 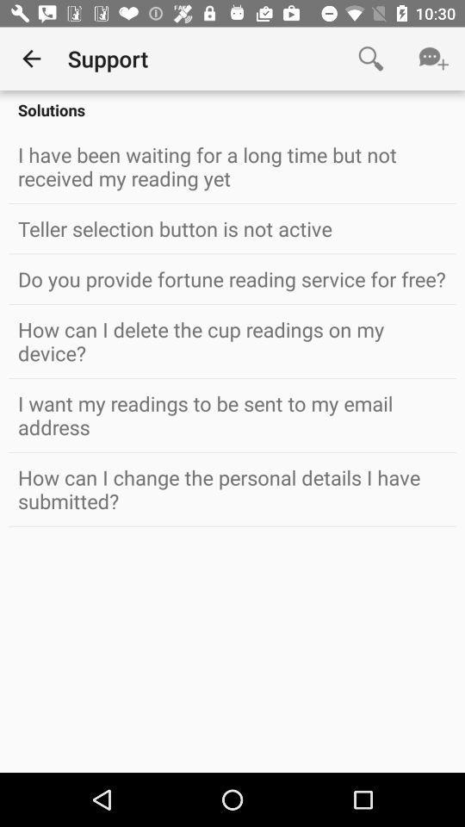 I want to click on the search option, so click(x=369, y=59).